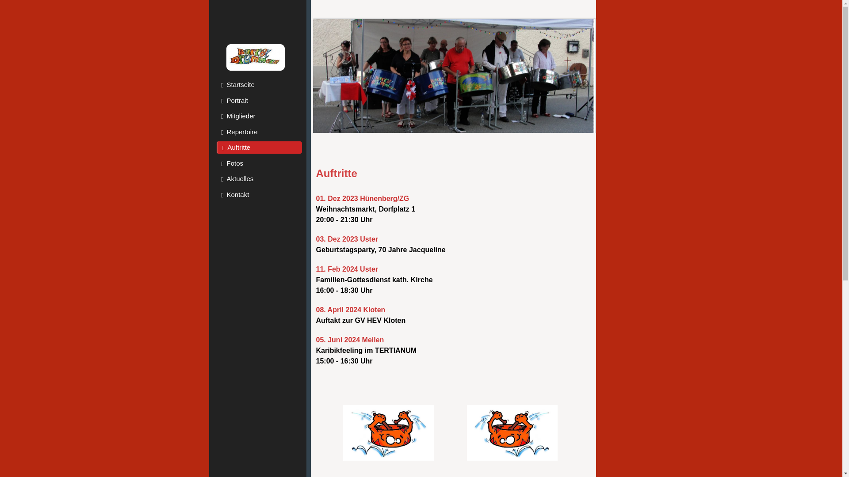 The image size is (849, 477). What do you see at coordinates (259, 115) in the screenshot?
I see `'Mitglieder'` at bounding box center [259, 115].